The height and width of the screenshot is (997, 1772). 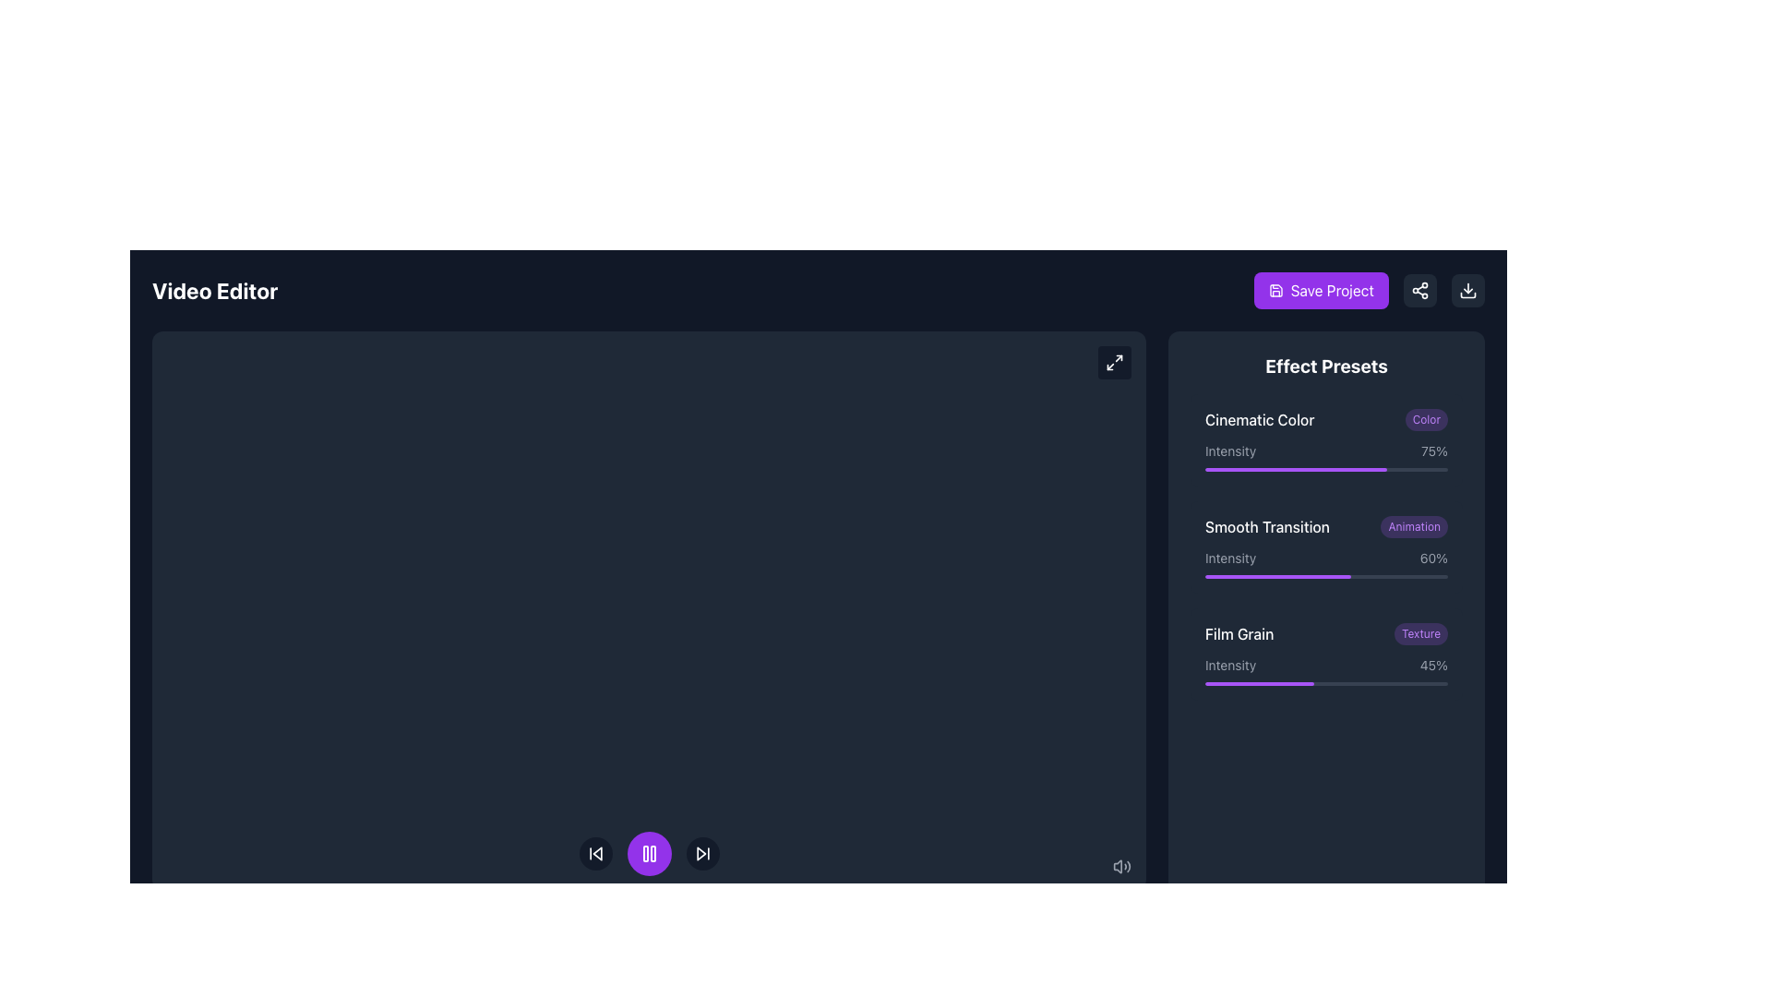 What do you see at coordinates (1325, 526) in the screenshot?
I see `information displayed on the 'Smooth Transition' label located in the 'Effect Presets' section, which is the second item in the list` at bounding box center [1325, 526].